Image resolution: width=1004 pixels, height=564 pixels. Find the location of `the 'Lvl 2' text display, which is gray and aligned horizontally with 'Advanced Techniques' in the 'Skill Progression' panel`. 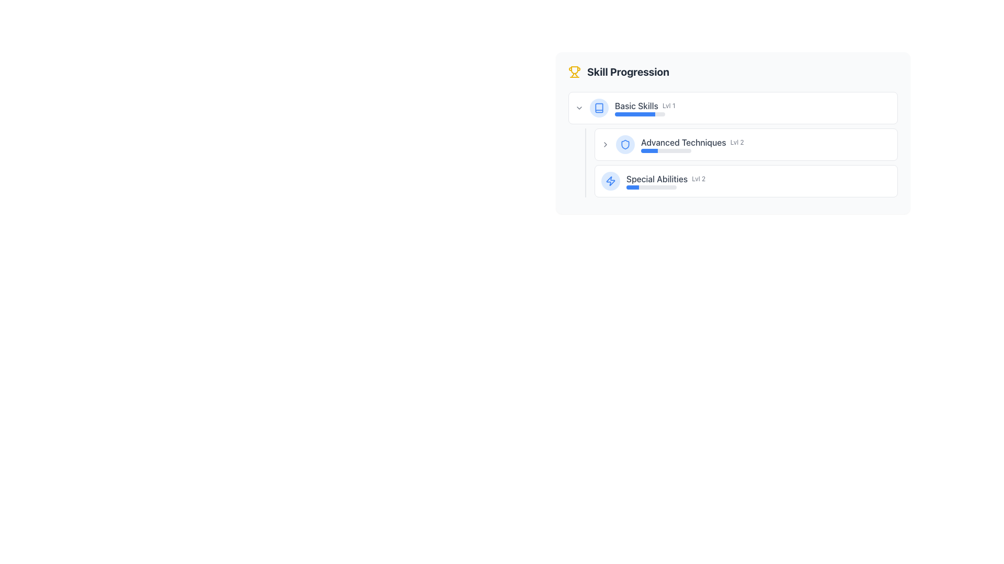

the 'Lvl 2' text display, which is gray and aligned horizontally with 'Advanced Techniques' in the 'Skill Progression' panel is located at coordinates (736, 143).